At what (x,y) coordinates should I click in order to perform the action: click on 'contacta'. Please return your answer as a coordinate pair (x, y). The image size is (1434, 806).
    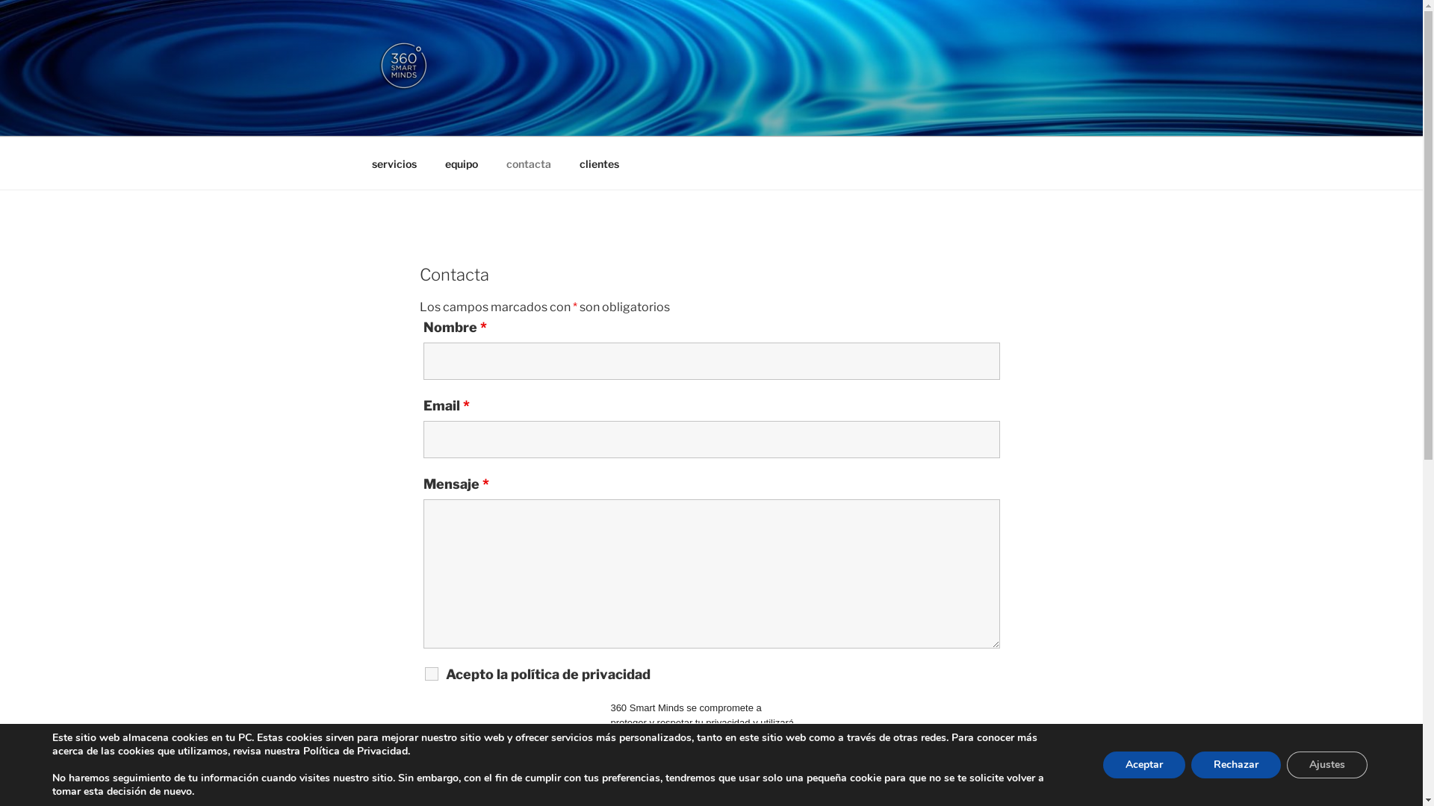
    Looking at the image, I should click on (528, 163).